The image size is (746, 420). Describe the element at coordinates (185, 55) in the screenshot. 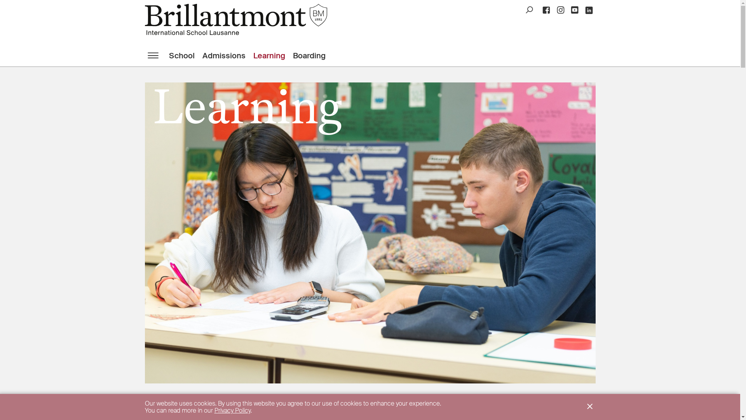

I see `'School'` at that location.